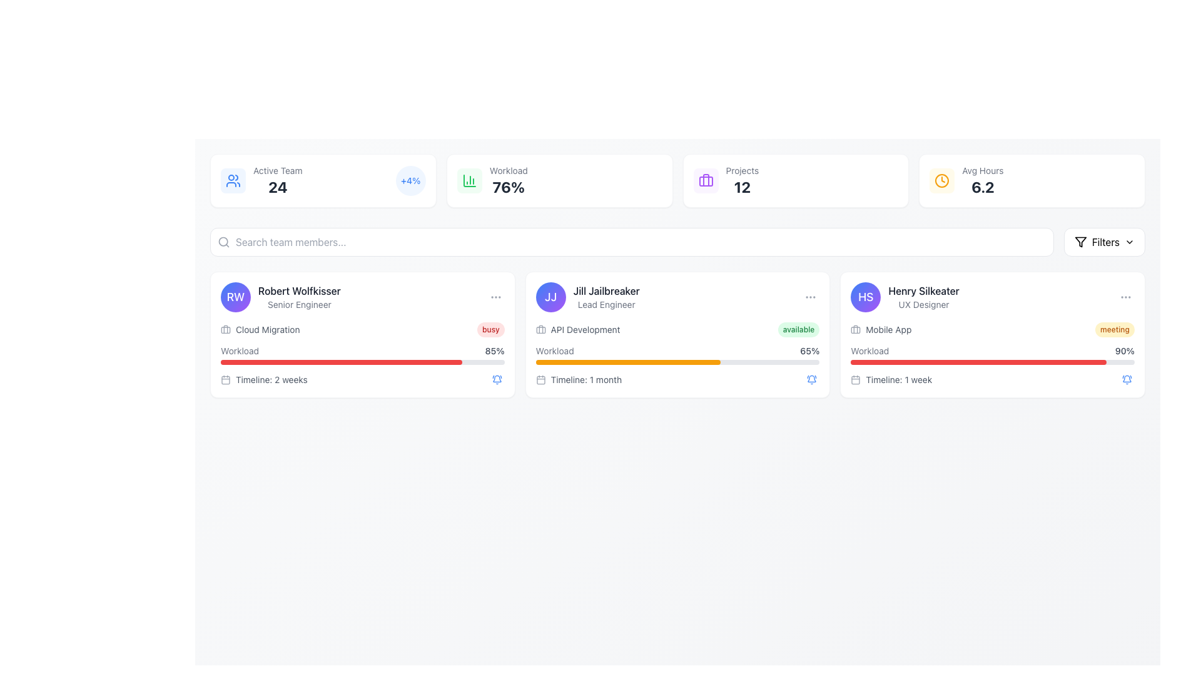 The image size is (1201, 676). What do you see at coordinates (263, 379) in the screenshot?
I see `the text label with an icon located in the bottom-left section of Robert Wolfkisser's card, right below the workload bar` at bounding box center [263, 379].